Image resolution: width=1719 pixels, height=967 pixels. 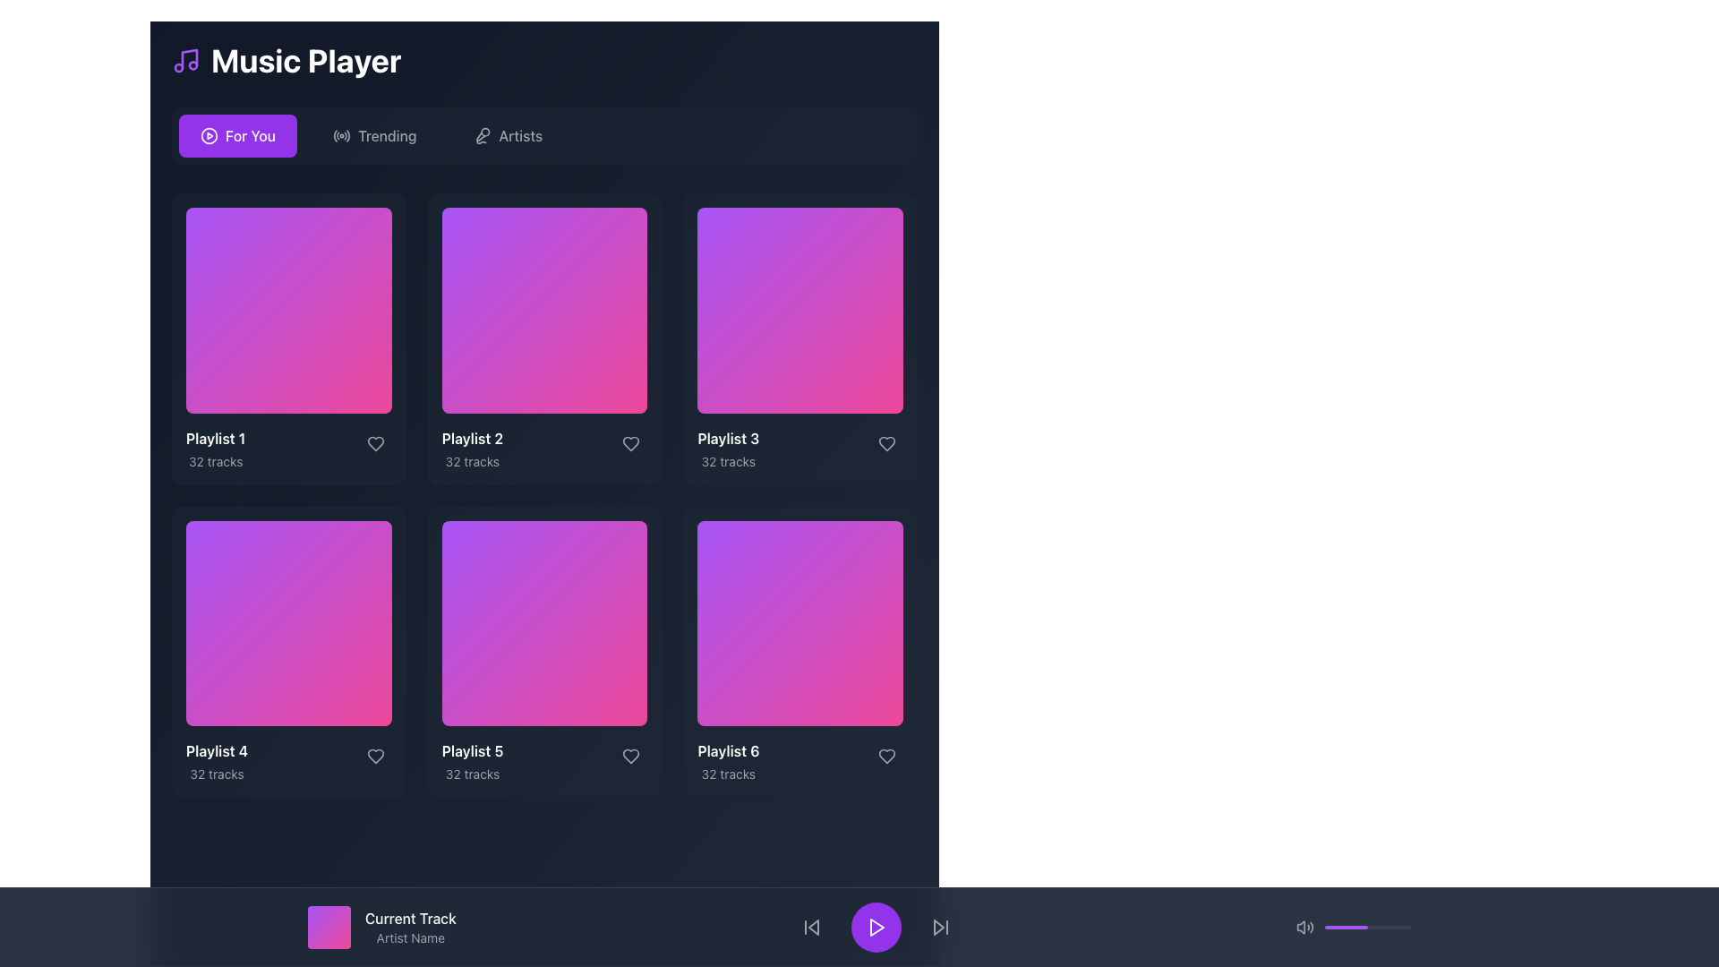 I want to click on the 'Artists' button, which is the third button in a horizontal row with a dark gray background and a microphone icon on the left, so click(x=507, y=134).